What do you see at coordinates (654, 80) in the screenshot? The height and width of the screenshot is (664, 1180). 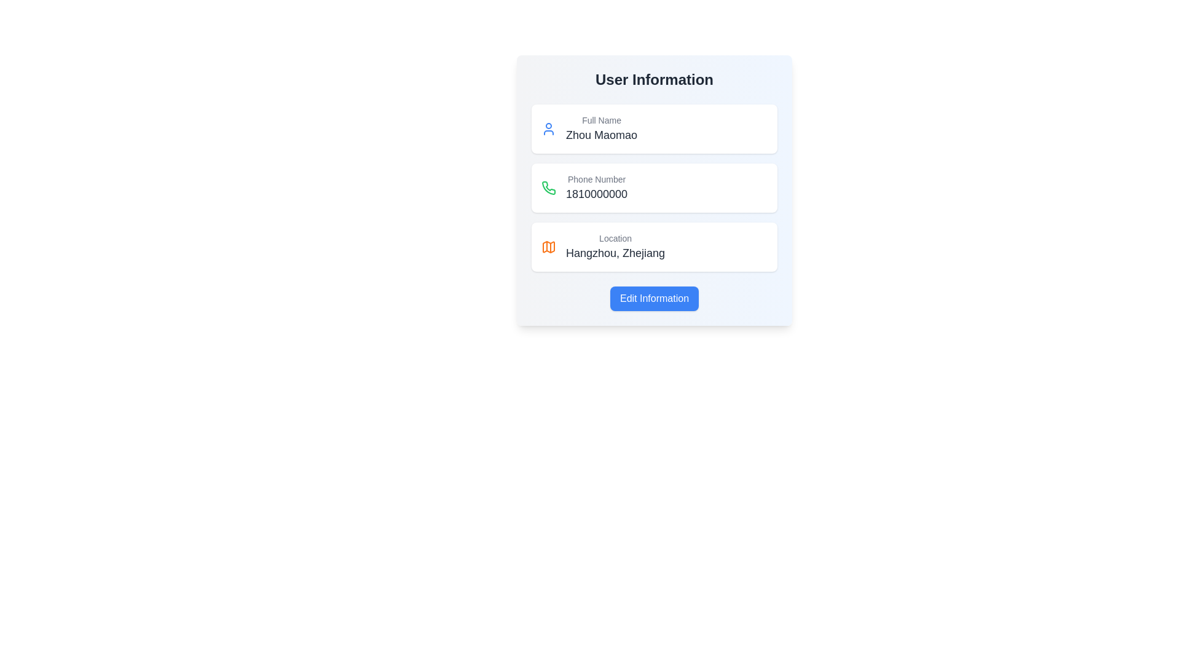 I see `the prominently styled header with the text 'User Information', which is centered at the top of the user details card` at bounding box center [654, 80].